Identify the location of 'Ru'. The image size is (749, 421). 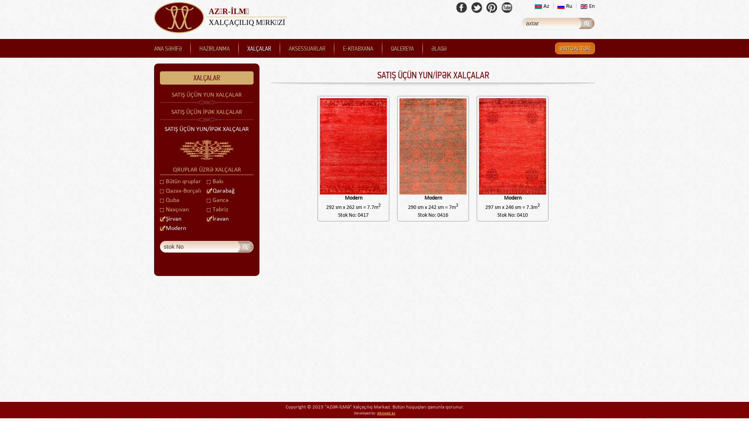
(565, 6).